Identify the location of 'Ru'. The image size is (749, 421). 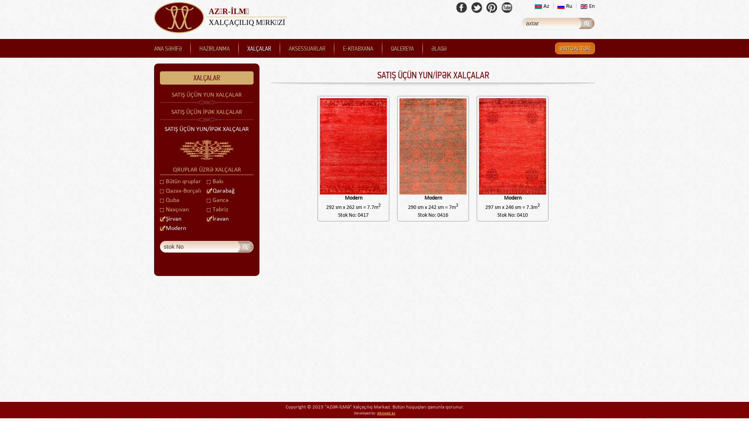
(565, 6).